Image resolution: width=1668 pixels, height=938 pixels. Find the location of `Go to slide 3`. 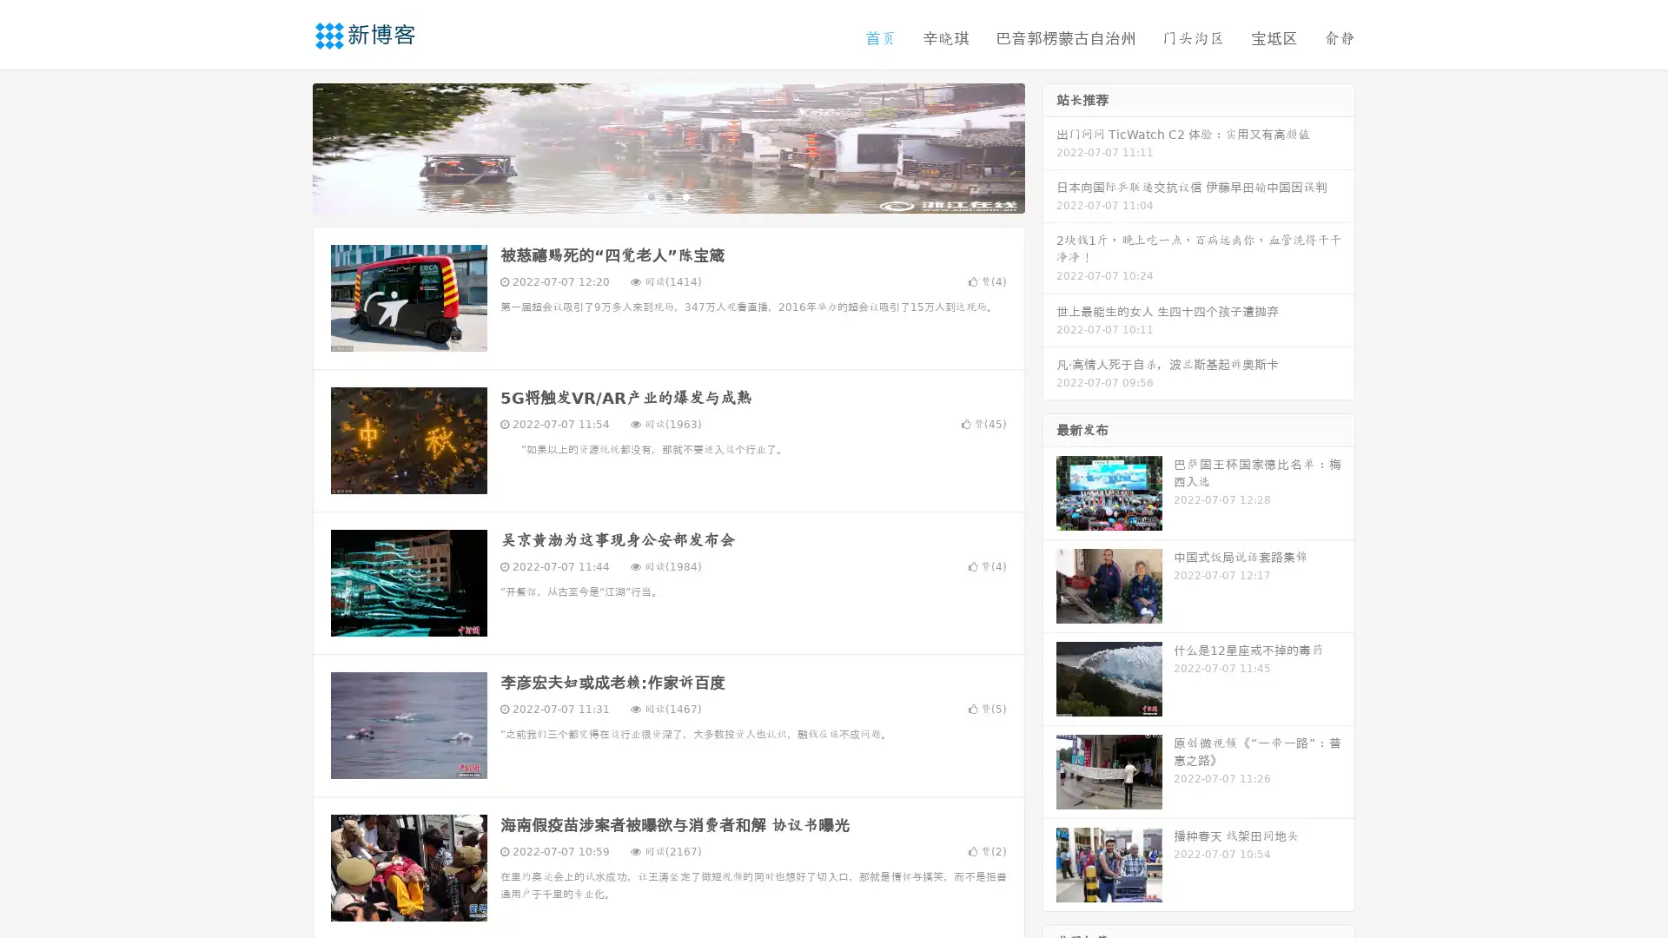

Go to slide 3 is located at coordinates (685, 195).